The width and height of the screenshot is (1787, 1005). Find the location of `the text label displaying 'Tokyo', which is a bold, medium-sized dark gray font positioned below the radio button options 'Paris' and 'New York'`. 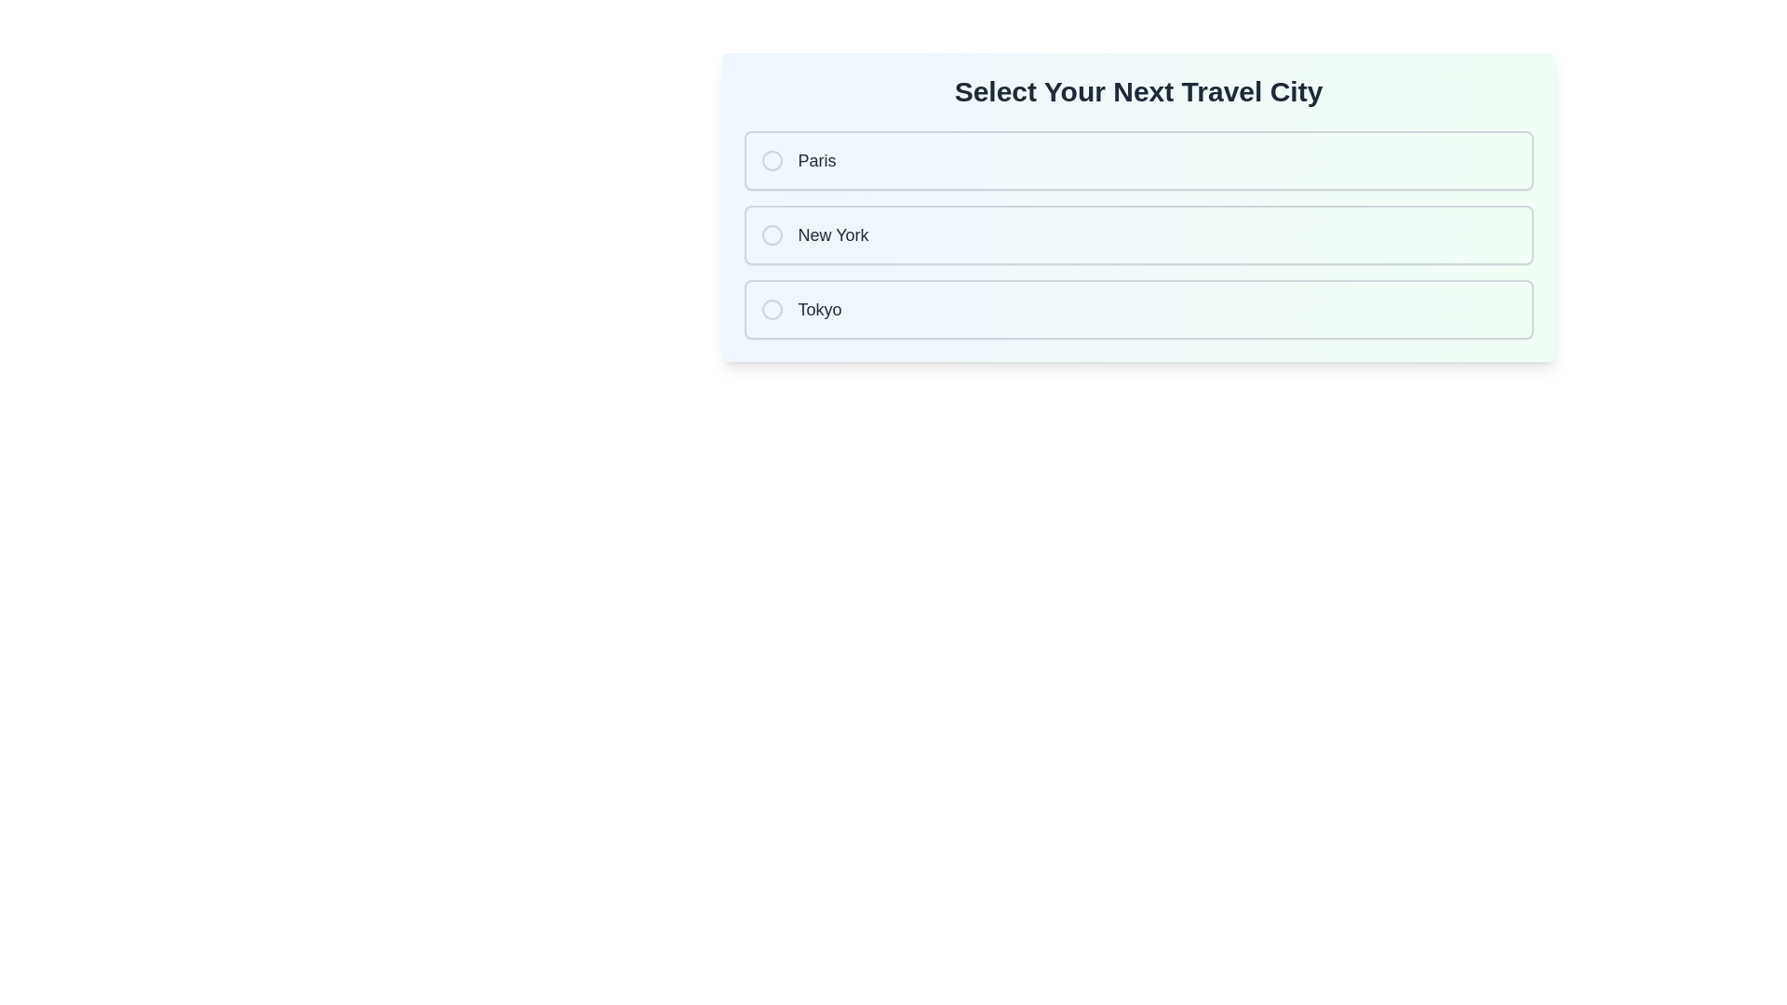

the text label displaying 'Tokyo', which is a bold, medium-sized dark gray font positioned below the radio button options 'Paris' and 'New York' is located at coordinates (819, 308).